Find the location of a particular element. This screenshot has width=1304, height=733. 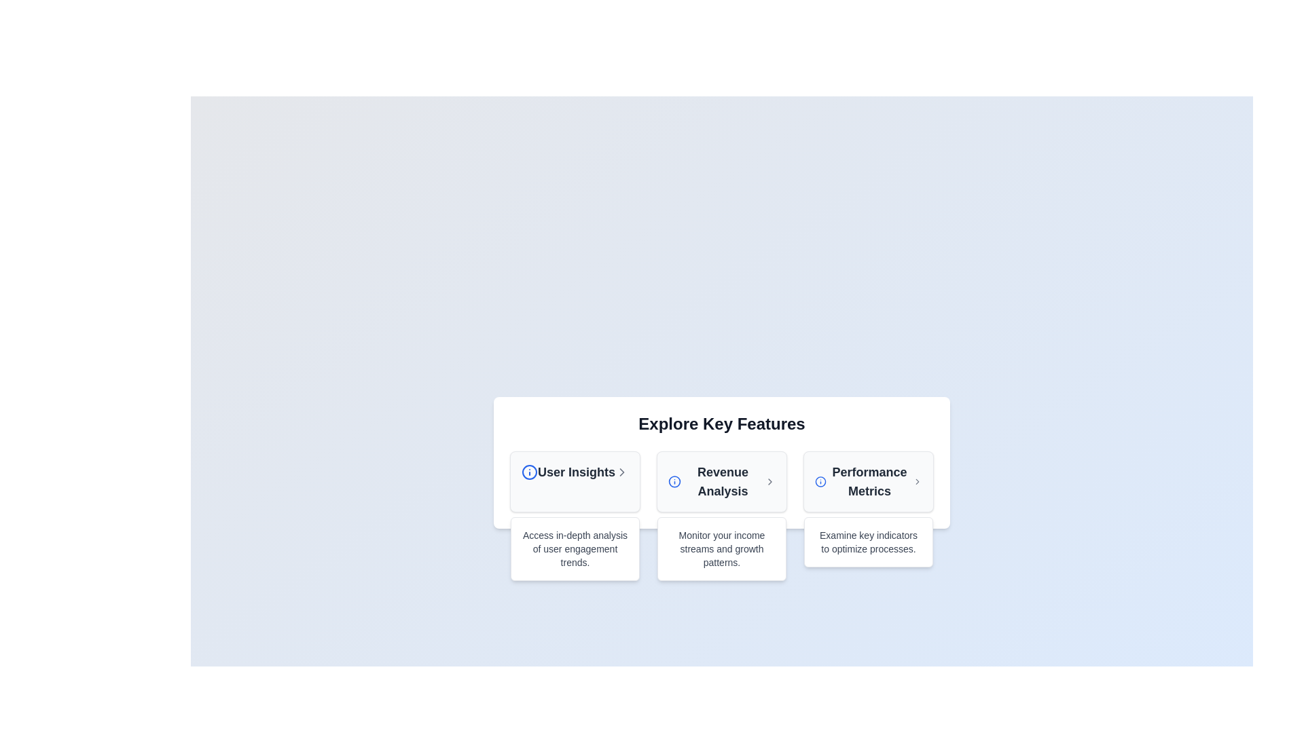

the second selectable menu item in the horizontal group of three, which provides access to revenue analysis information is located at coordinates (721, 481).